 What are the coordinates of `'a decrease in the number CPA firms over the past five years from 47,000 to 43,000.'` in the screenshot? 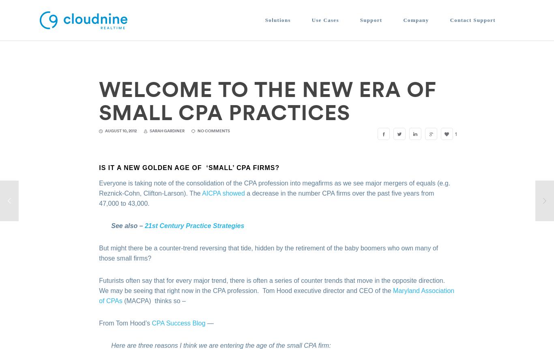 It's located at (266, 197).